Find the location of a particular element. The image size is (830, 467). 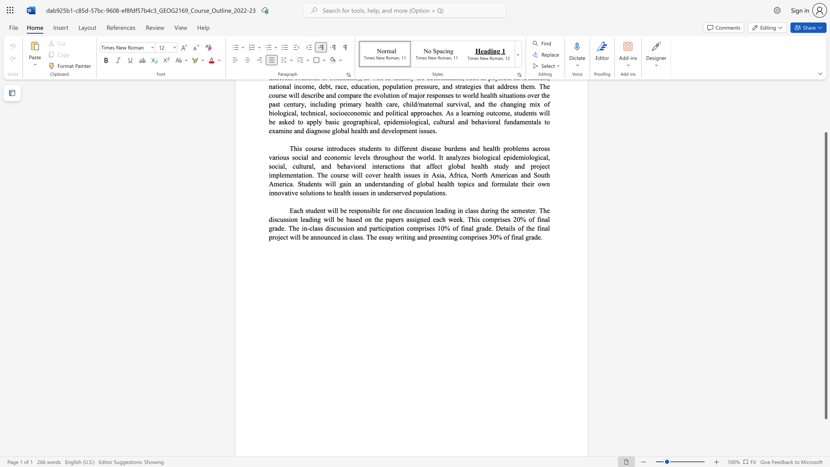

the scrollbar and move up 120 pixels is located at coordinates (825, 275).